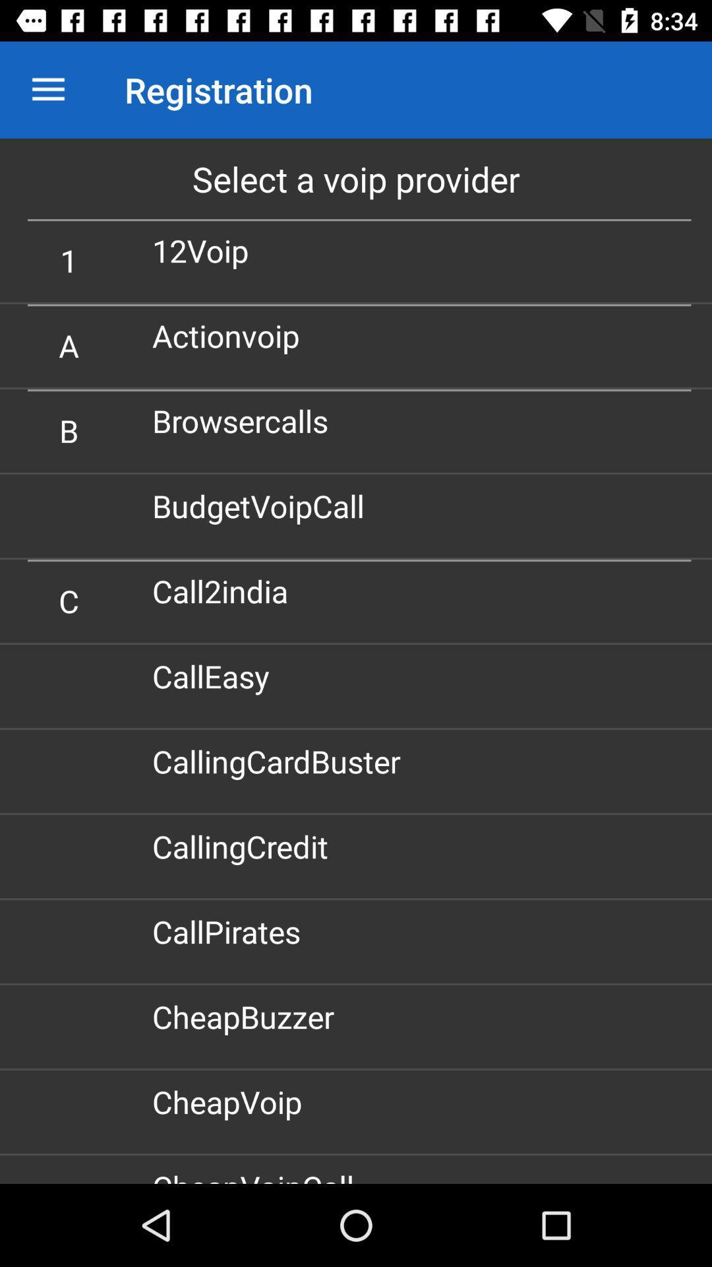 This screenshot has width=712, height=1267. Describe the element at coordinates (215, 676) in the screenshot. I see `the calleasy icon` at that location.